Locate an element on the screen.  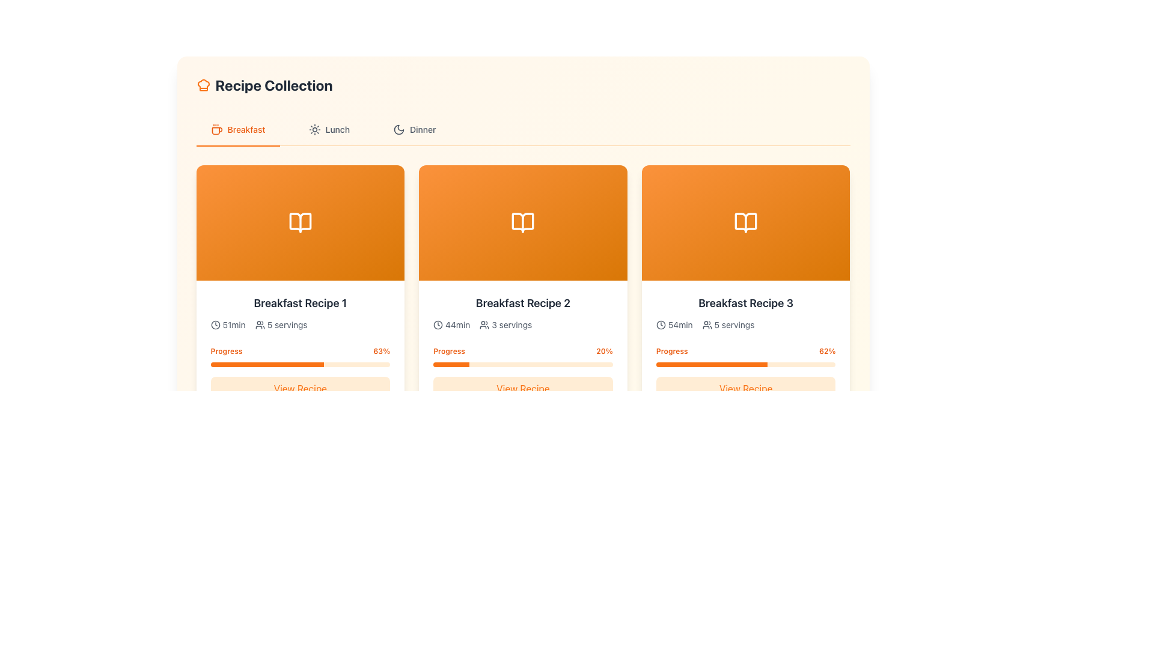
the text label displaying '3 servings' located in the middle recipe card under the 'Breakfast Recipe 2' section, adjacent to the group icon is located at coordinates (511, 324).